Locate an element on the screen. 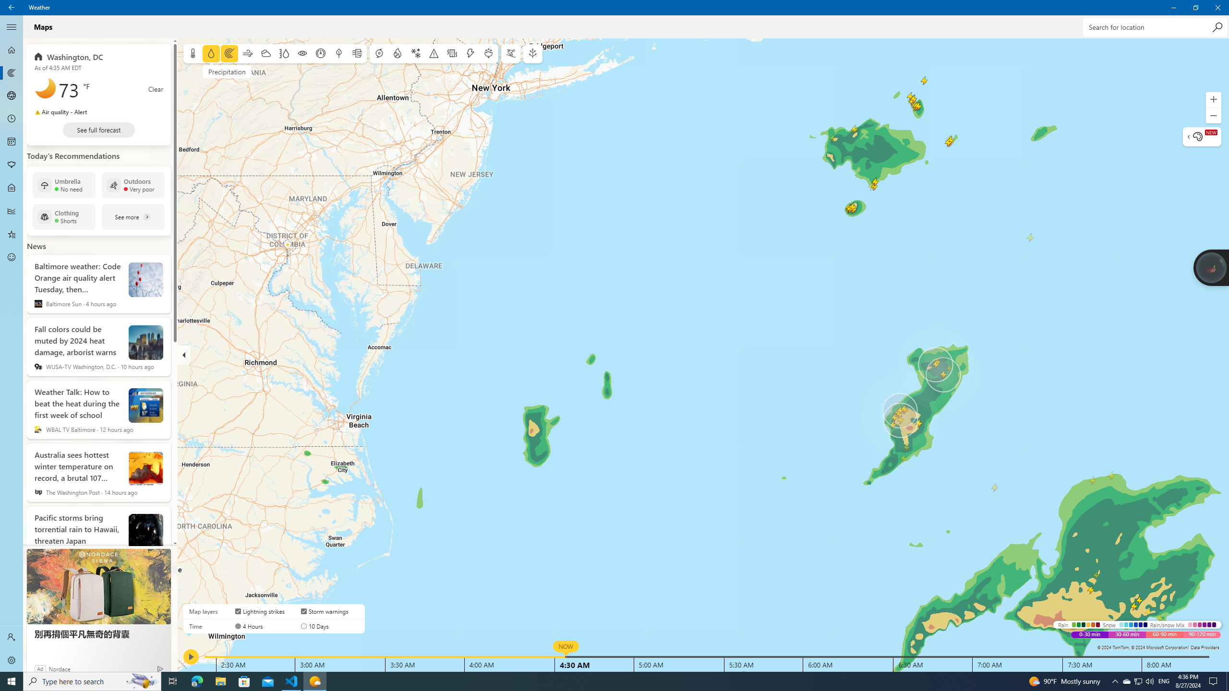 Image resolution: width=1229 pixels, height=691 pixels. 'Favorites - Not Selected' is located at coordinates (12, 234).